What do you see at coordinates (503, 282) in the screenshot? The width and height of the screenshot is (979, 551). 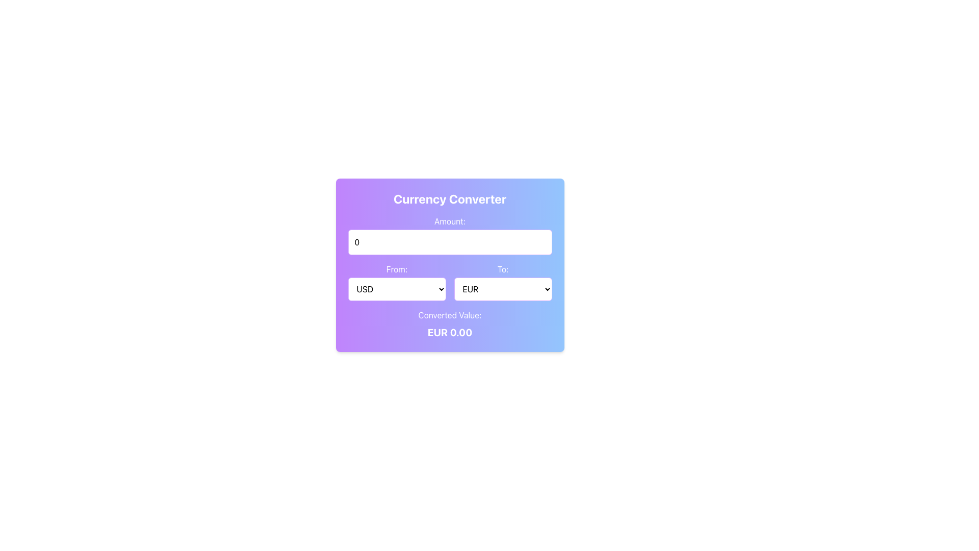 I see `a currency from the dropdown menu labeled 'To:' which contains the current value 'EUR' and is styled with a rounded border and purple hue` at bounding box center [503, 282].